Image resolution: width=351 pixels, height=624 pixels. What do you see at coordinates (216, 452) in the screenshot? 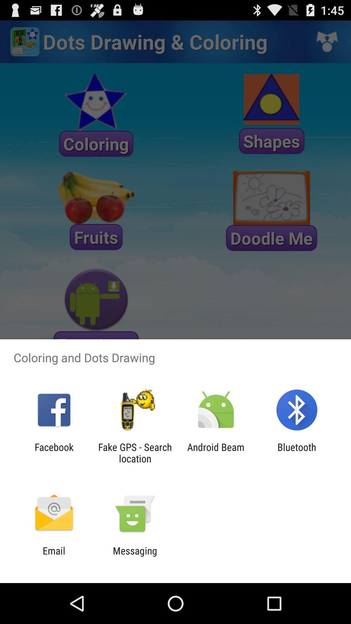
I see `android beam app` at bounding box center [216, 452].